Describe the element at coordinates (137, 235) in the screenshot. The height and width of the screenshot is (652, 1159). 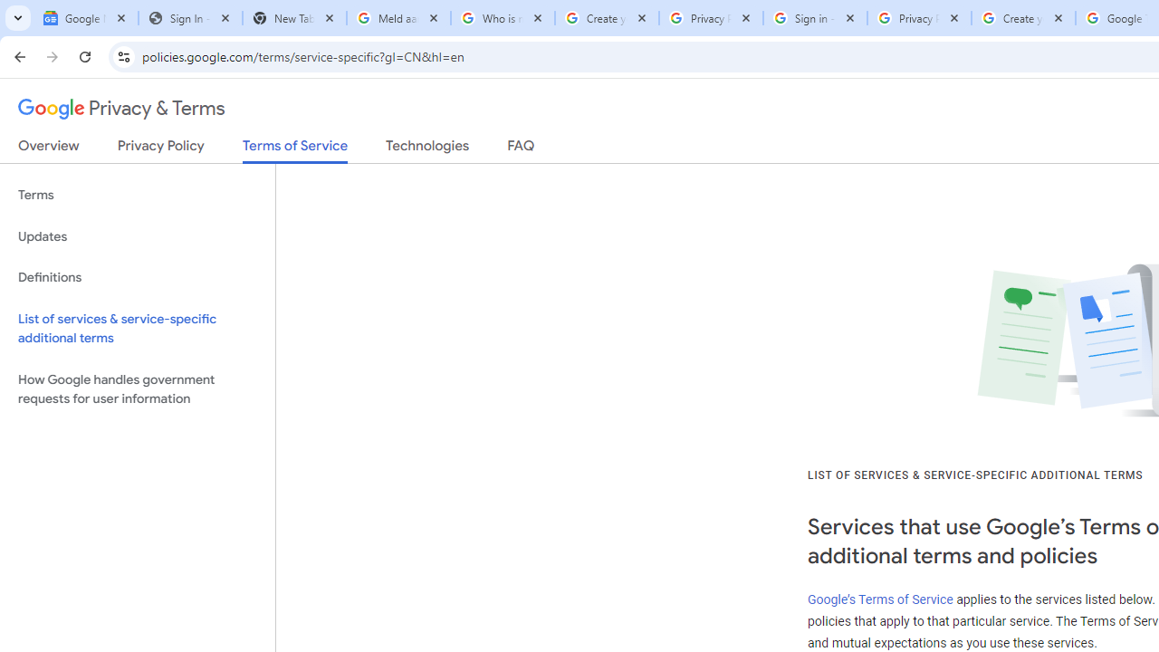
I see `'Updates'` at that location.